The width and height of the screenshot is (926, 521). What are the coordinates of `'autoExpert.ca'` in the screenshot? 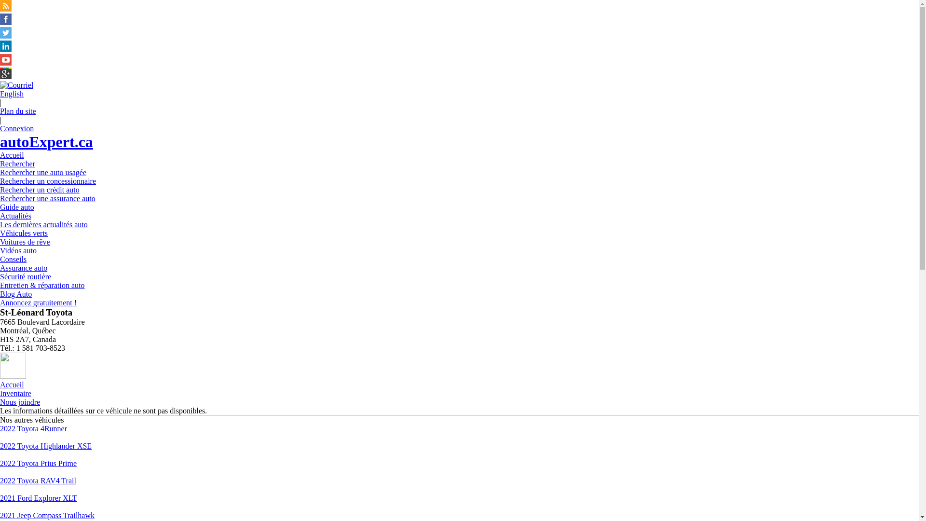 It's located at (46, 141).